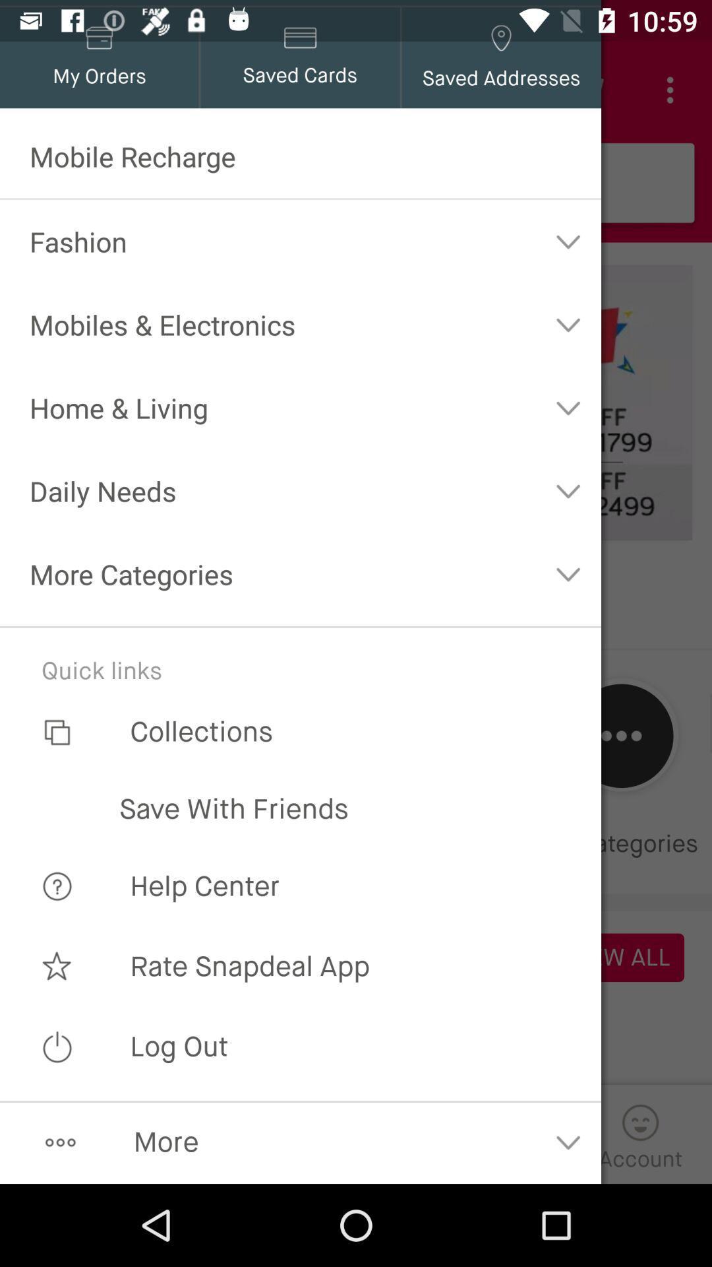  I want to click on the arrow beside daily needs, so click(568, 490).